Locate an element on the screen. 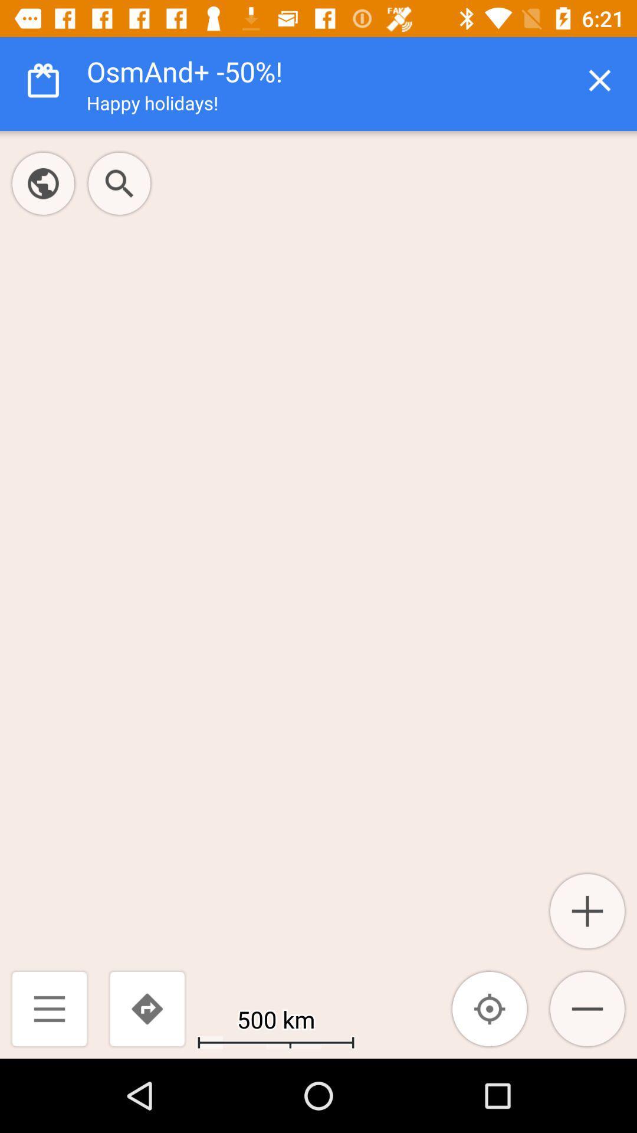 This screenshot has width=637, height=1133. icon to the right of 500 km is located at coordinates (490, 1008).